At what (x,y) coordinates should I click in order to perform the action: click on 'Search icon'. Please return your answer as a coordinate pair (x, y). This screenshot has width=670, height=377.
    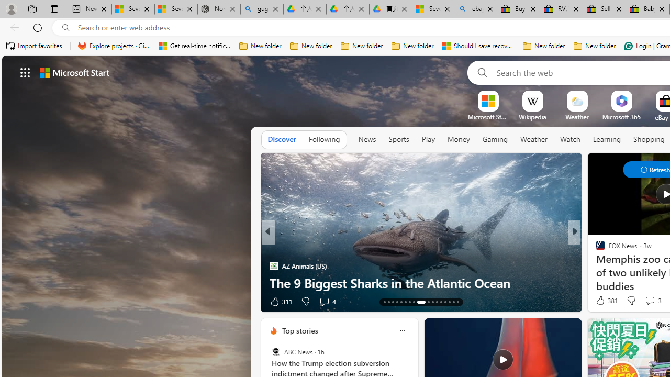
    Looking at the image, I should click on (65, 27).